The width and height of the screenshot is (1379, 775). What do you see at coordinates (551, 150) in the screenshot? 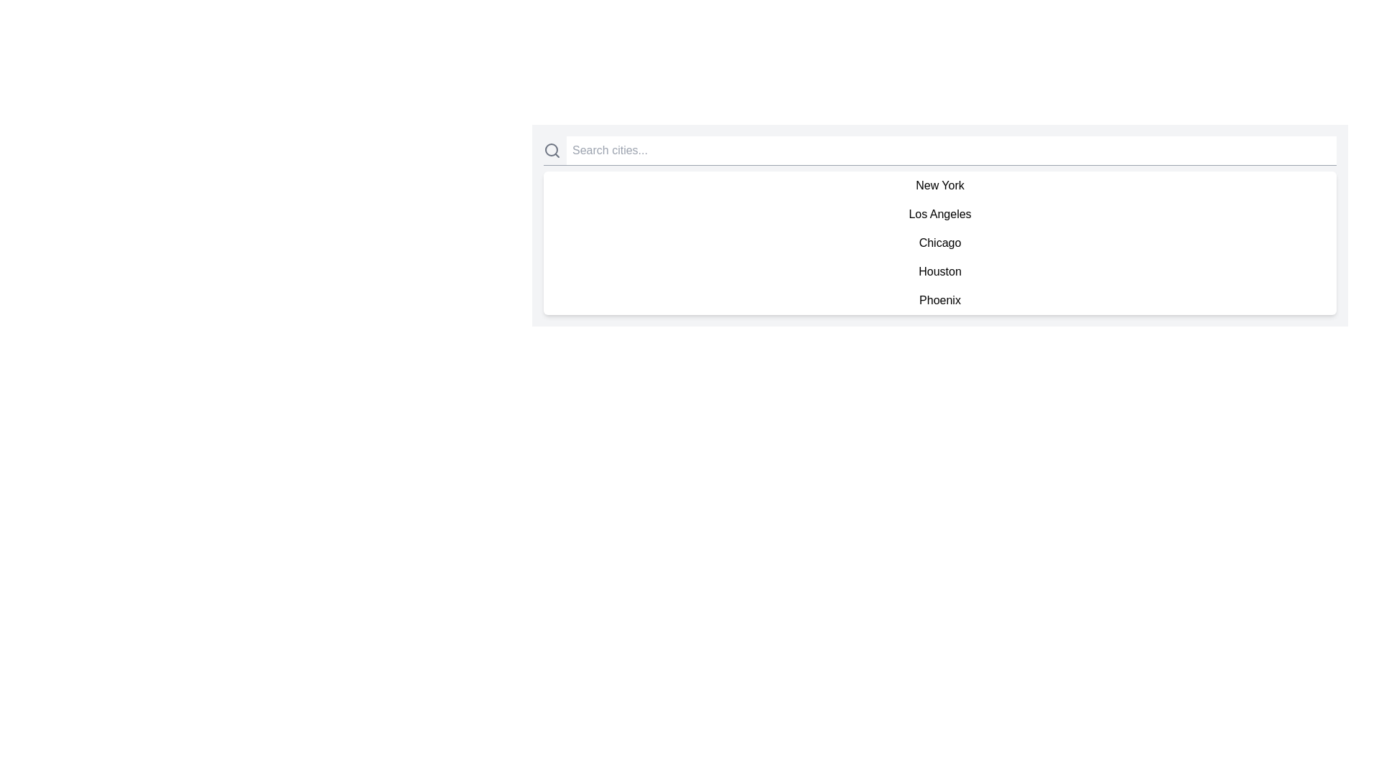
I see `the gray magnifying glass icon, which is styled with a two-pixel stroke and positioned to the left of the 'Search cities...' input field` at bounding box center [551, 150].